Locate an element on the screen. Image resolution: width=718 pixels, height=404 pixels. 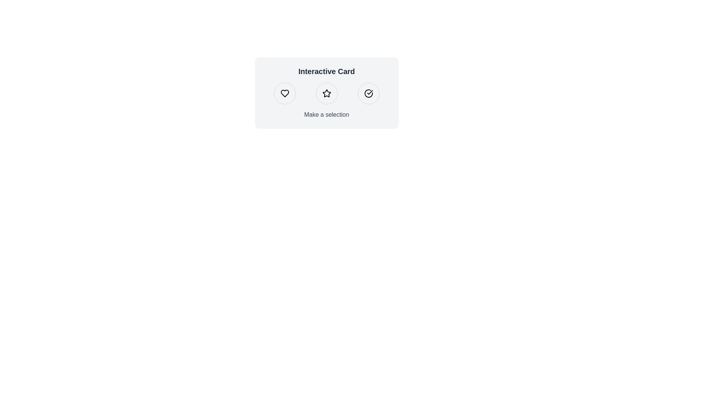
the circular button with a gray border containing a checkmark icon to confirm the action is located at coordinates (368, 93).